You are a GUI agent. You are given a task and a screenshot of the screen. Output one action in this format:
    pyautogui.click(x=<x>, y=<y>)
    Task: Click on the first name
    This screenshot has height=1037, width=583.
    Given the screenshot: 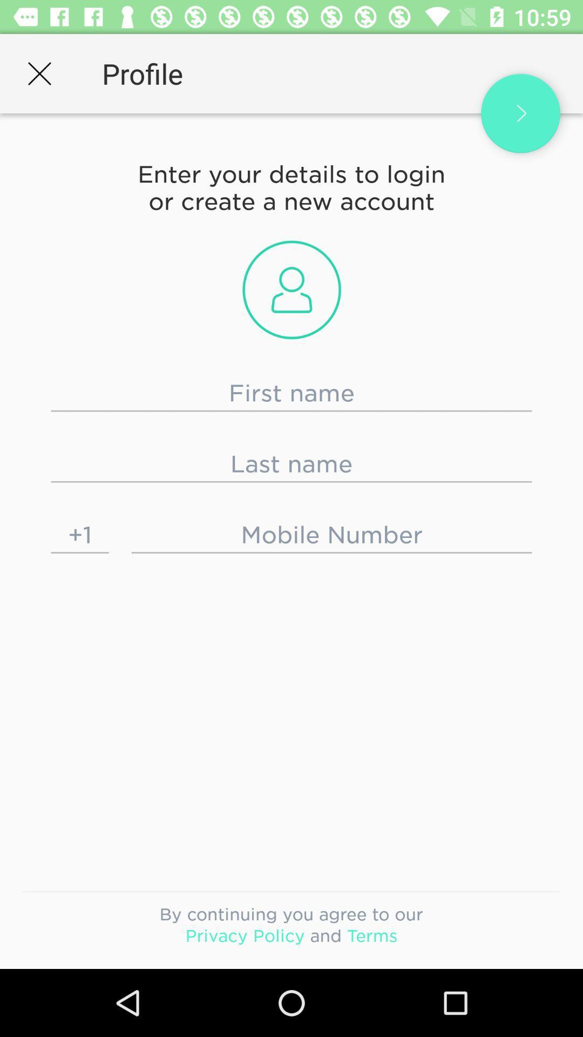 What is the action you would take?
    pyautogui.click(x=291, y=392)
    